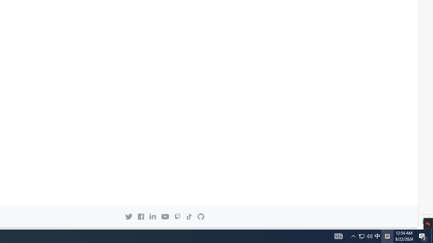 The width and height of the screenshot is (433, 243). Describe the element at coordinates (129, 216) in the screenshot. I see `'Twitter icon'` at that location.